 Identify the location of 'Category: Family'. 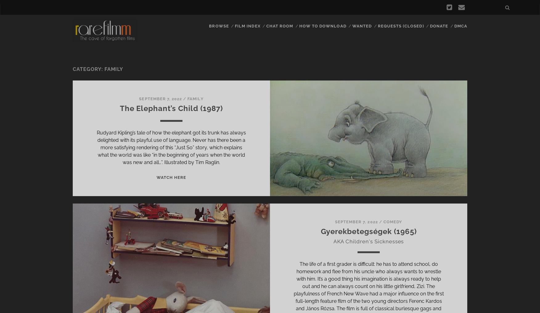
(98, 69).